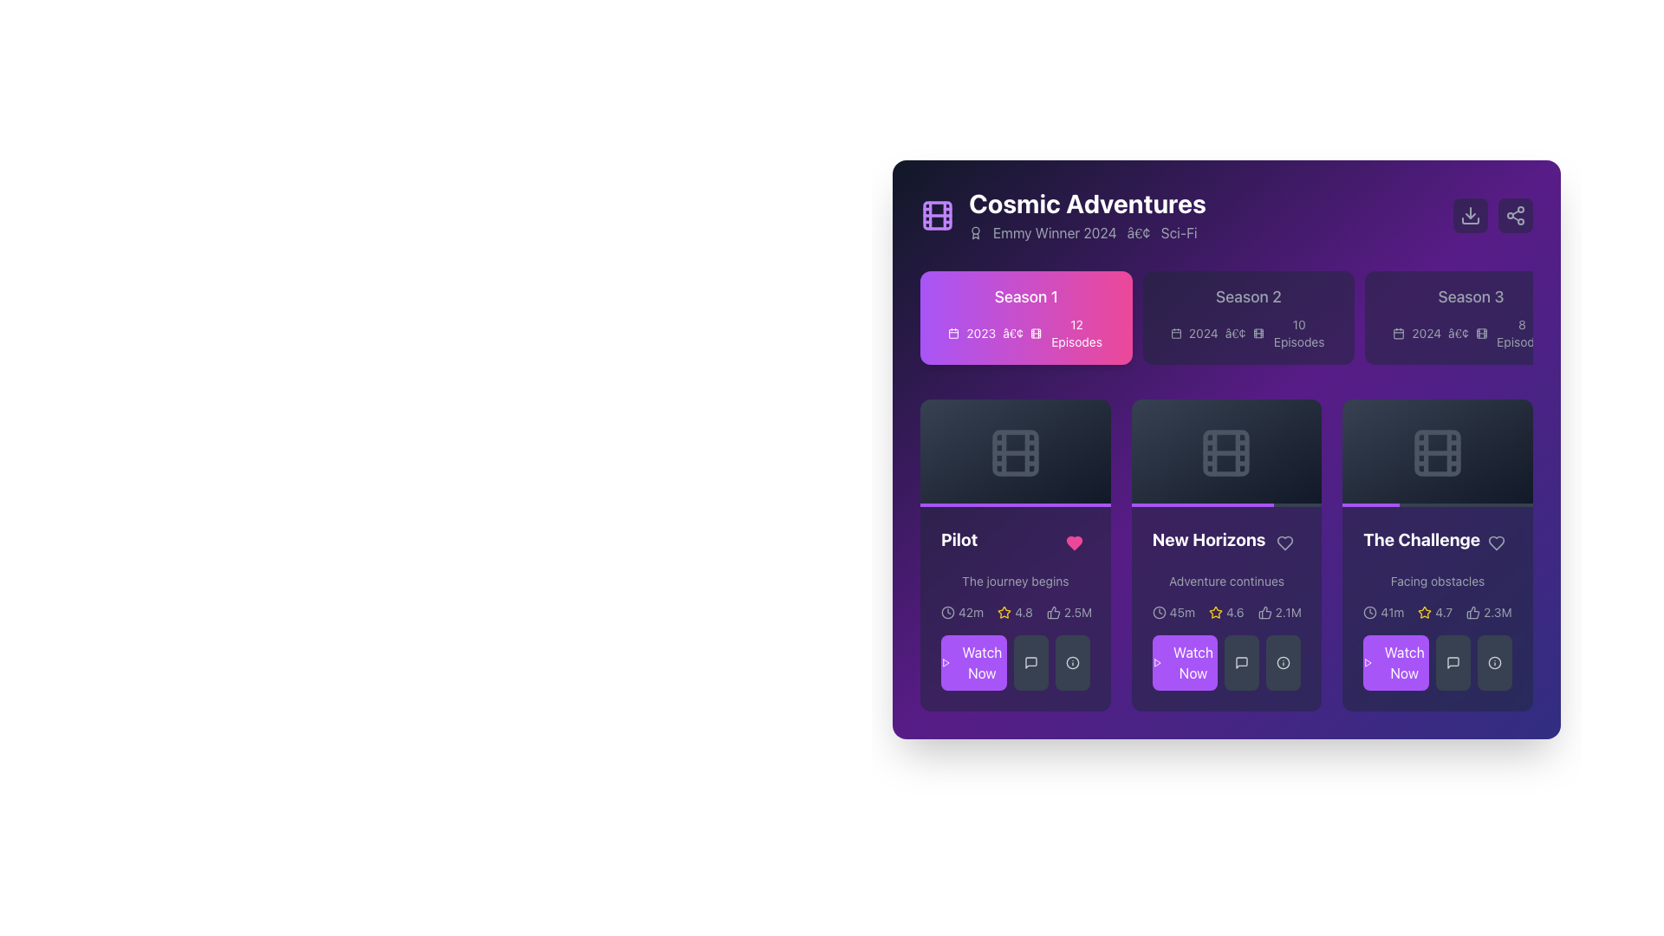 The width and height of the screenshot is (1664, 936). I want to click on the icons in the Informative display group of the card labeled 'The Challenge', so click(1438, 611).